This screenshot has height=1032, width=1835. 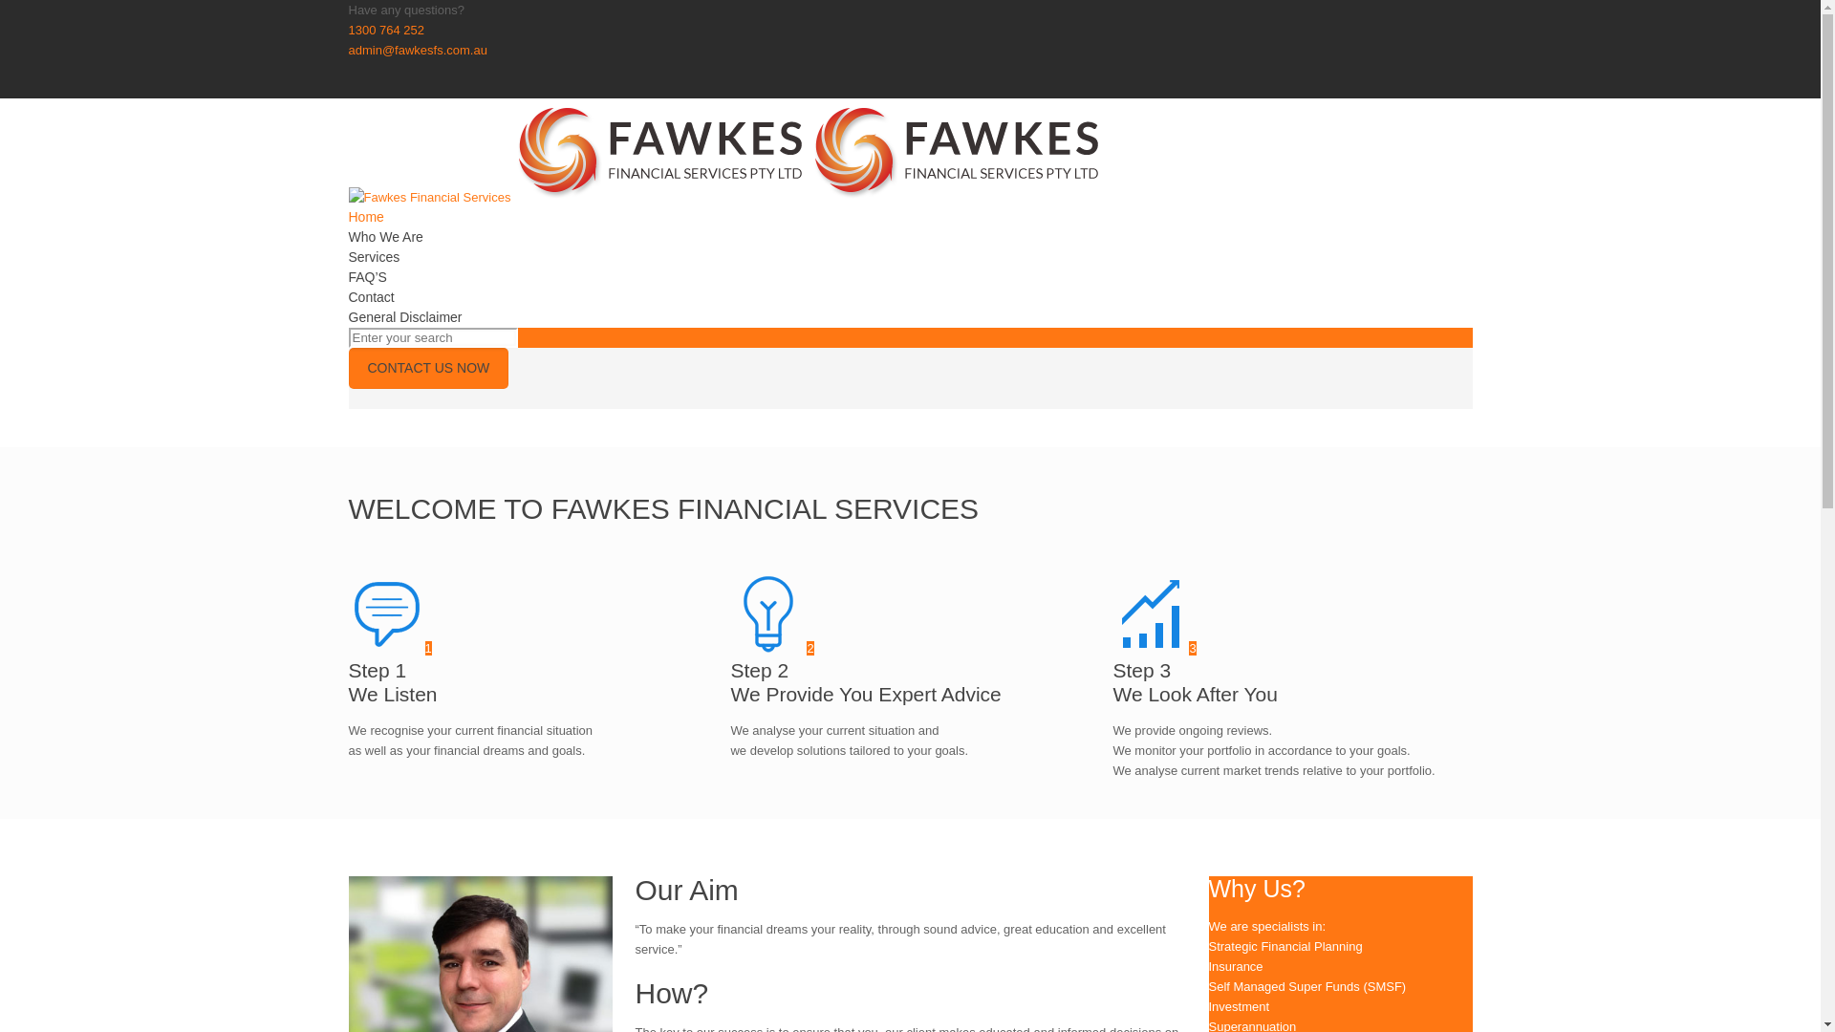 What do you see at coordinates (373, 256) in the screenshot?
I see `'Services'` at bounding box center [373, 256].